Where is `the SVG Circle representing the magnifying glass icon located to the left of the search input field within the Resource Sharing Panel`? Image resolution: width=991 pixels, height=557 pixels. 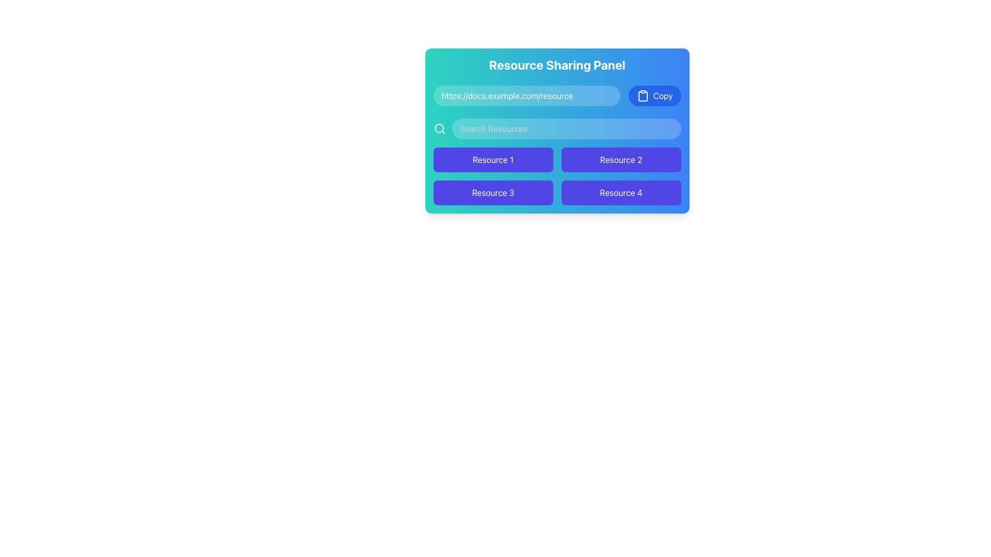
the SVG Circle representing the magnifying glass icon located to the left of the search input field within the Resource Sharing Panel is located at coordinates (439, 128).